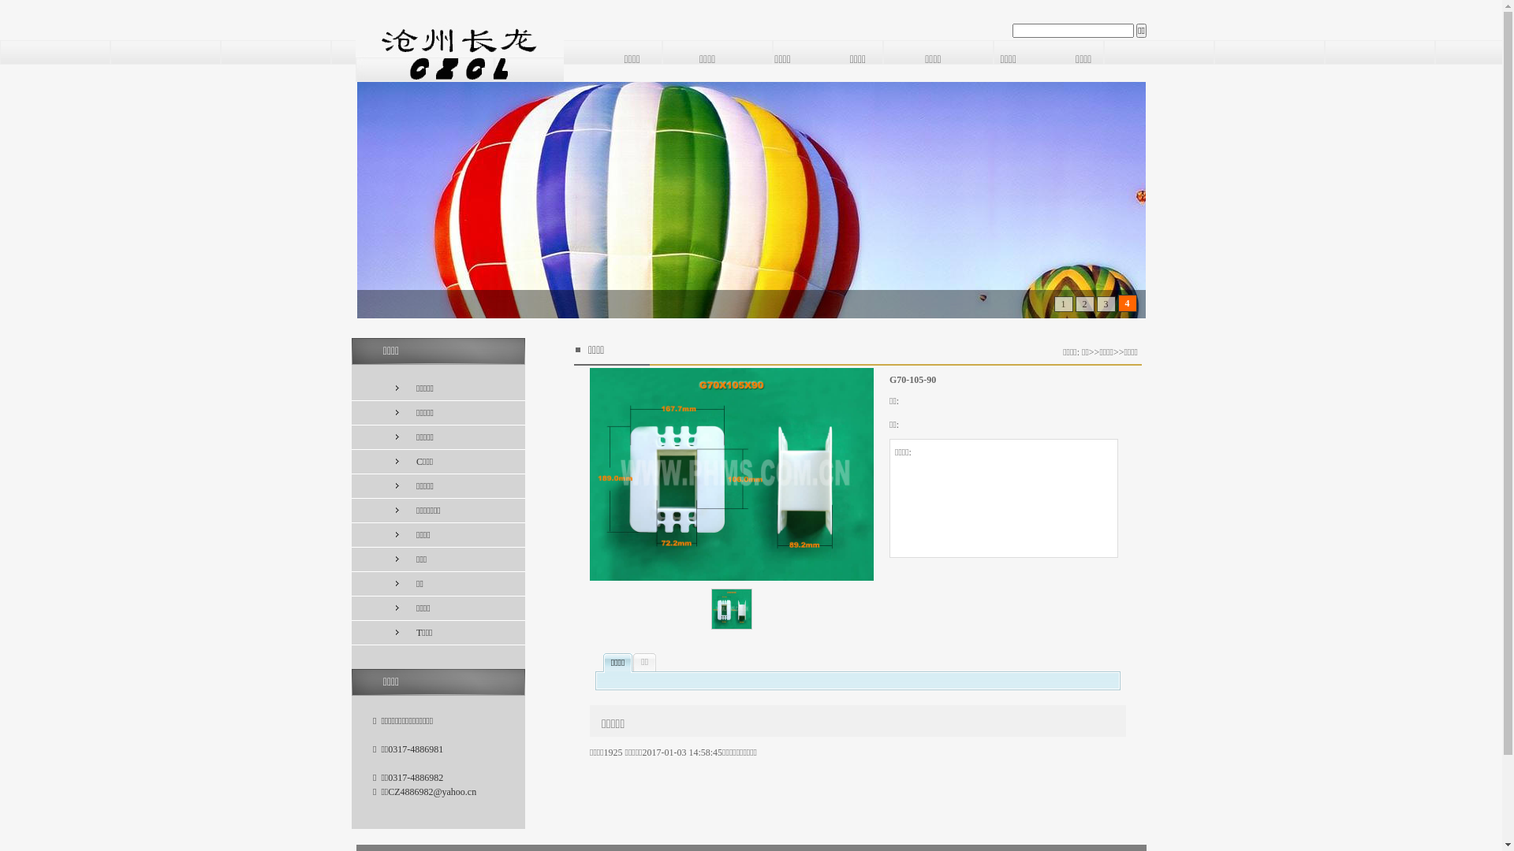 Image resolution: width=1514 pixels, height=851 pixels. I want to click on '1', so click(1061, 303).